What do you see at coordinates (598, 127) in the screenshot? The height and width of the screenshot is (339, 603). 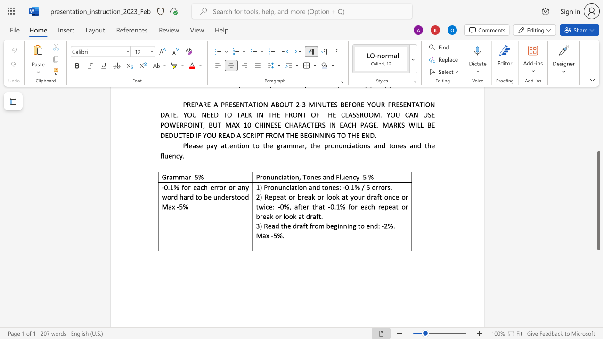 I see `the scrollbar on the right` at bounding box center [598, 127].